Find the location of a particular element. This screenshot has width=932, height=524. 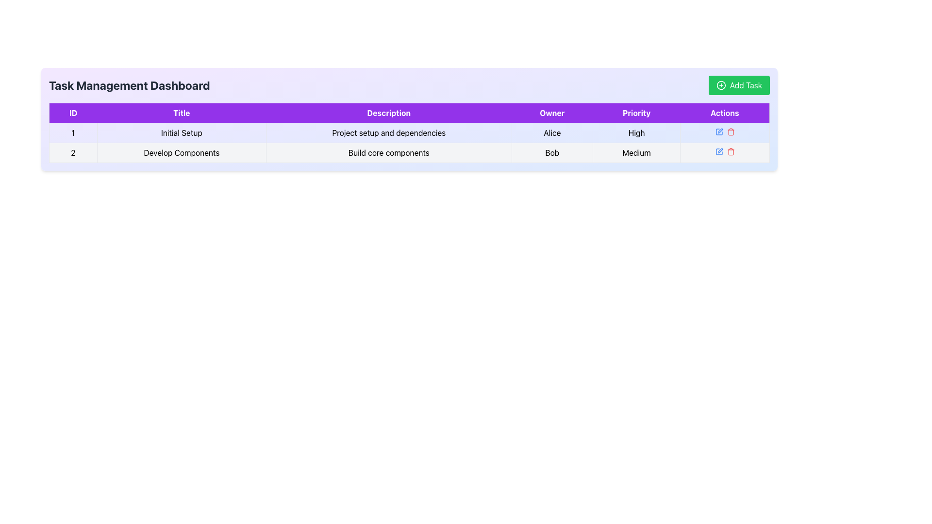

the text component displaying 'Project setup and dependencies' in the 'Description' column of the 'Initial Setup' task is located at coordinates (389, 132).